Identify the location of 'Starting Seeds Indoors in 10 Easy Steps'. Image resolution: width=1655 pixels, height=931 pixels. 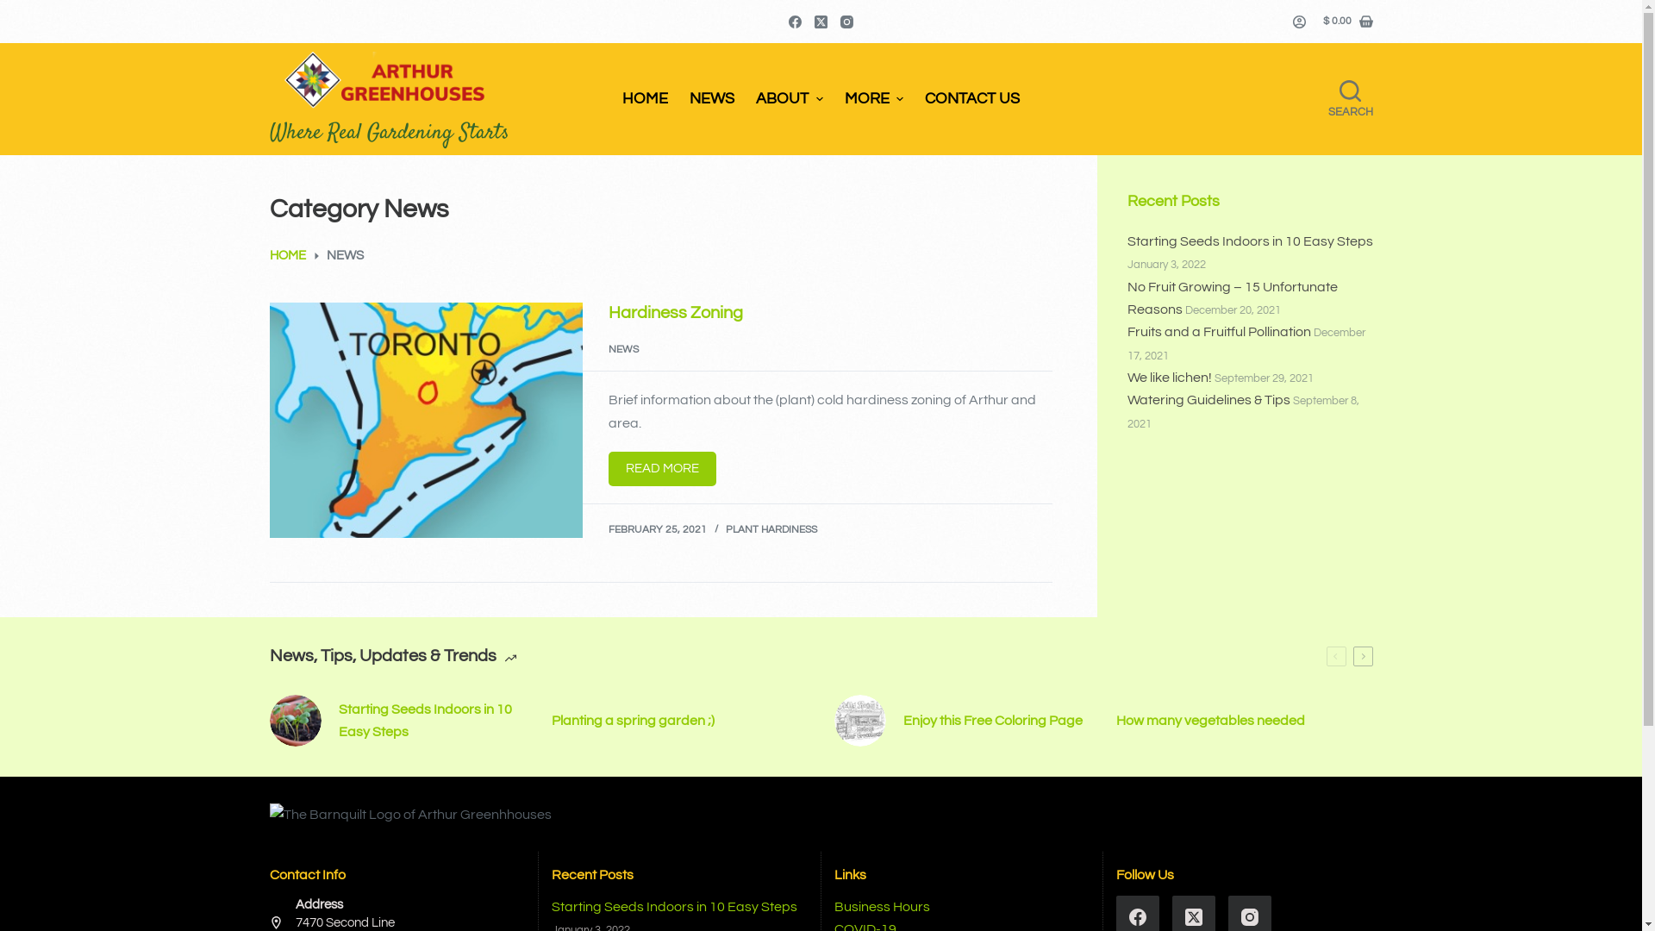
(1250, 241).